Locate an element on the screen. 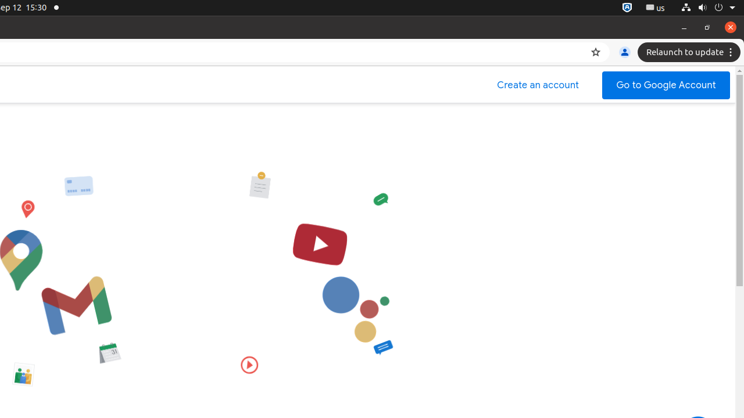 The width and height of the screenshot is (744, 418). 'System' is located at coordinates (707, 8).